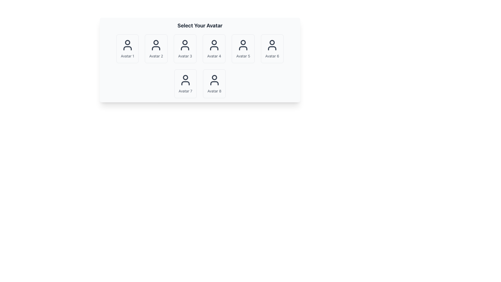  I want to click on the user profile silhouette avatar icon labeled 'Avatar 2', so click(156, 45).